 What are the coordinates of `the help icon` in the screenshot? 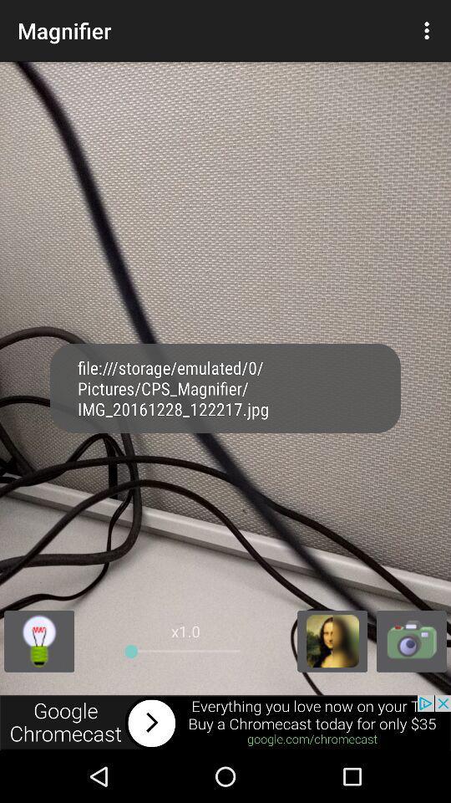 It's located at (39, 686).